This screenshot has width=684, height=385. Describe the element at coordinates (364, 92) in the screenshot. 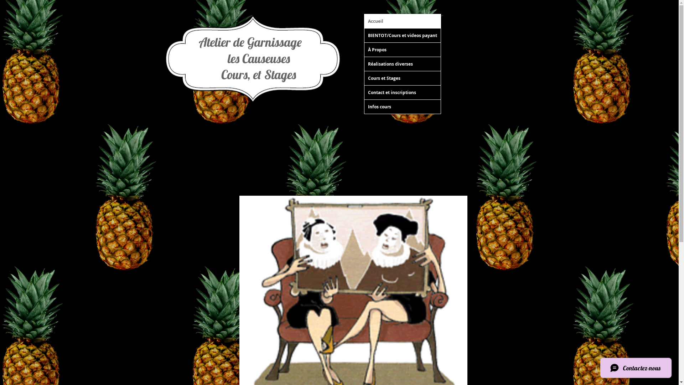

I see `'Contact et inscriptions'` at that location.